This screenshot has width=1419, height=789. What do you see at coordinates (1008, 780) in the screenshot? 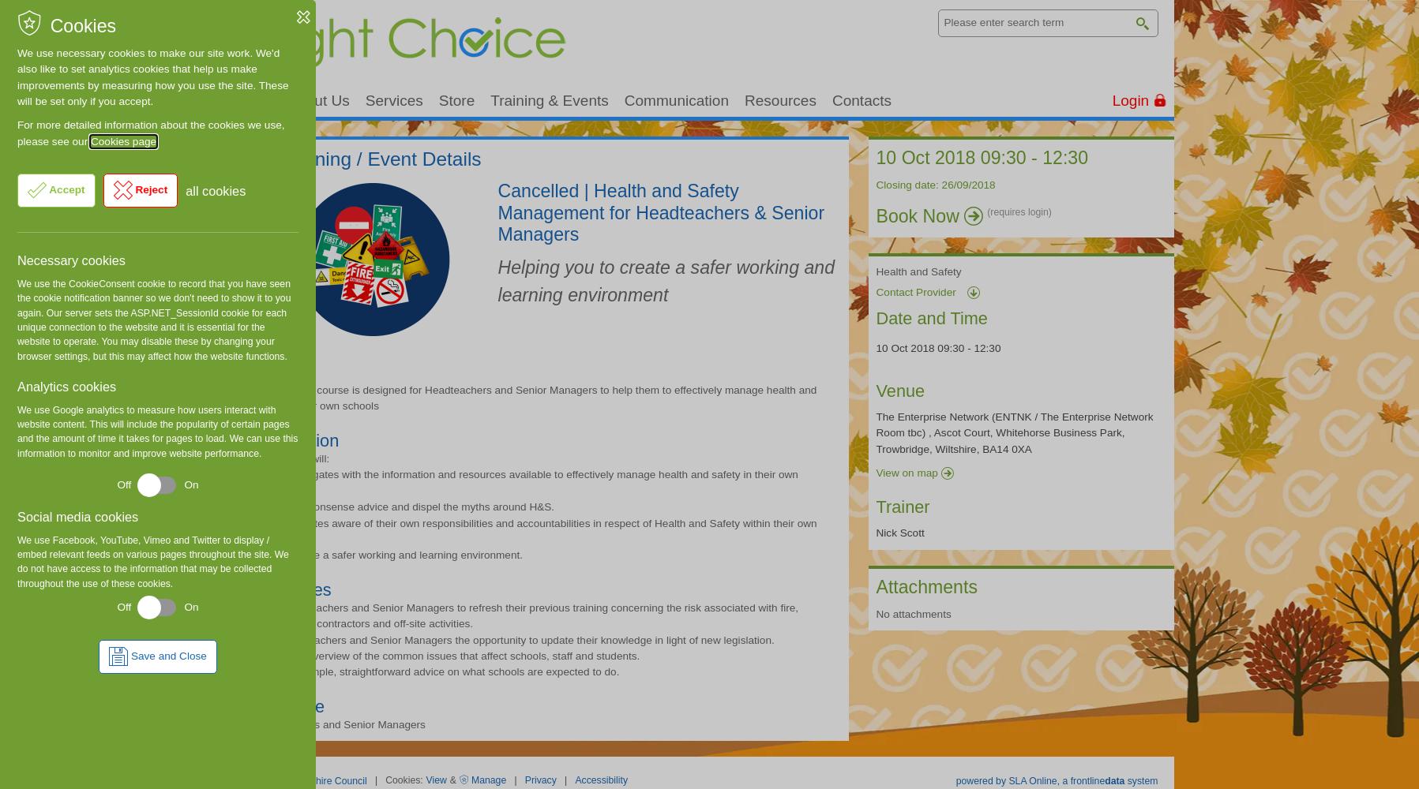
I see `'SLA Online'` at bounding box center [1008, 780].